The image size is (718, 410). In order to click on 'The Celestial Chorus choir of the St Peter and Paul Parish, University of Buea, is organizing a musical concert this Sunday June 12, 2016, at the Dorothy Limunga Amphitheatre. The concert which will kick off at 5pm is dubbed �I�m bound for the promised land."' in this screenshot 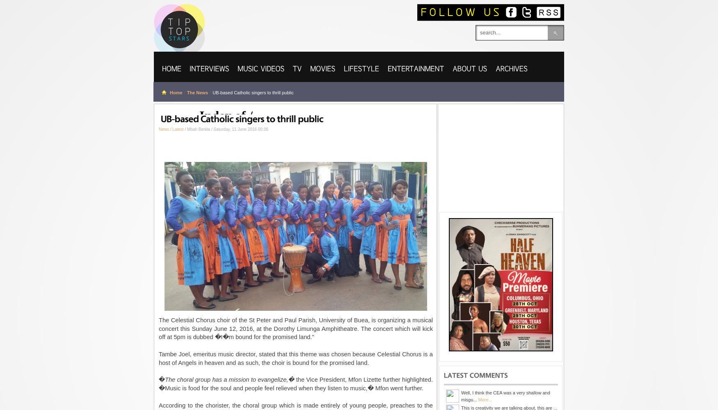, I will do `click(296, 328)`.